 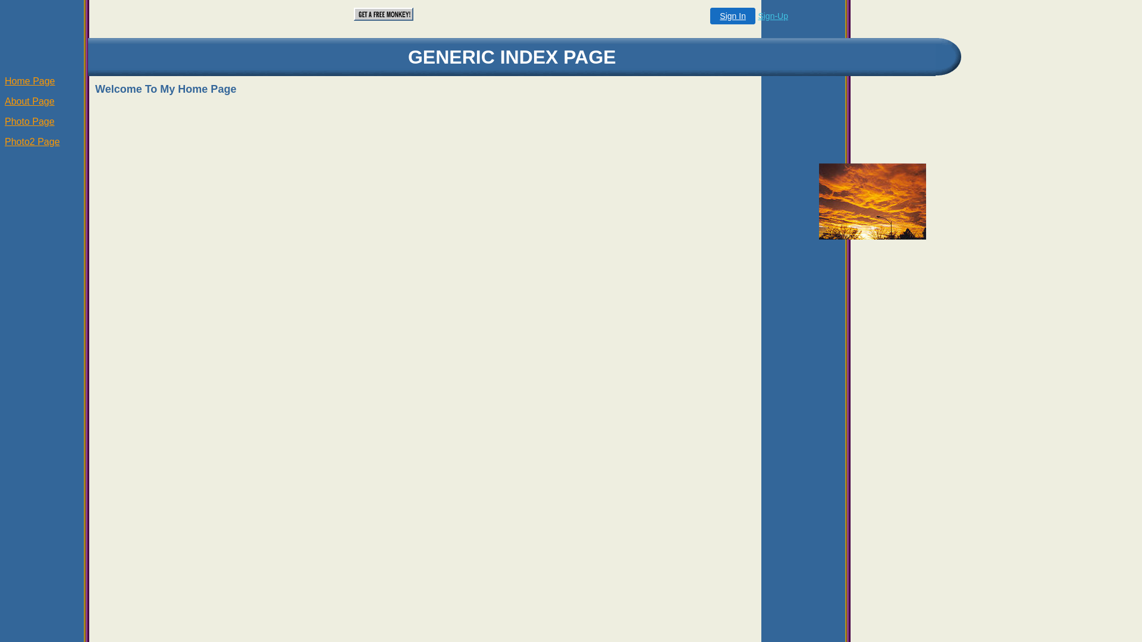 I want to click on 'Photo2 Page', so click(x=32, y=141).